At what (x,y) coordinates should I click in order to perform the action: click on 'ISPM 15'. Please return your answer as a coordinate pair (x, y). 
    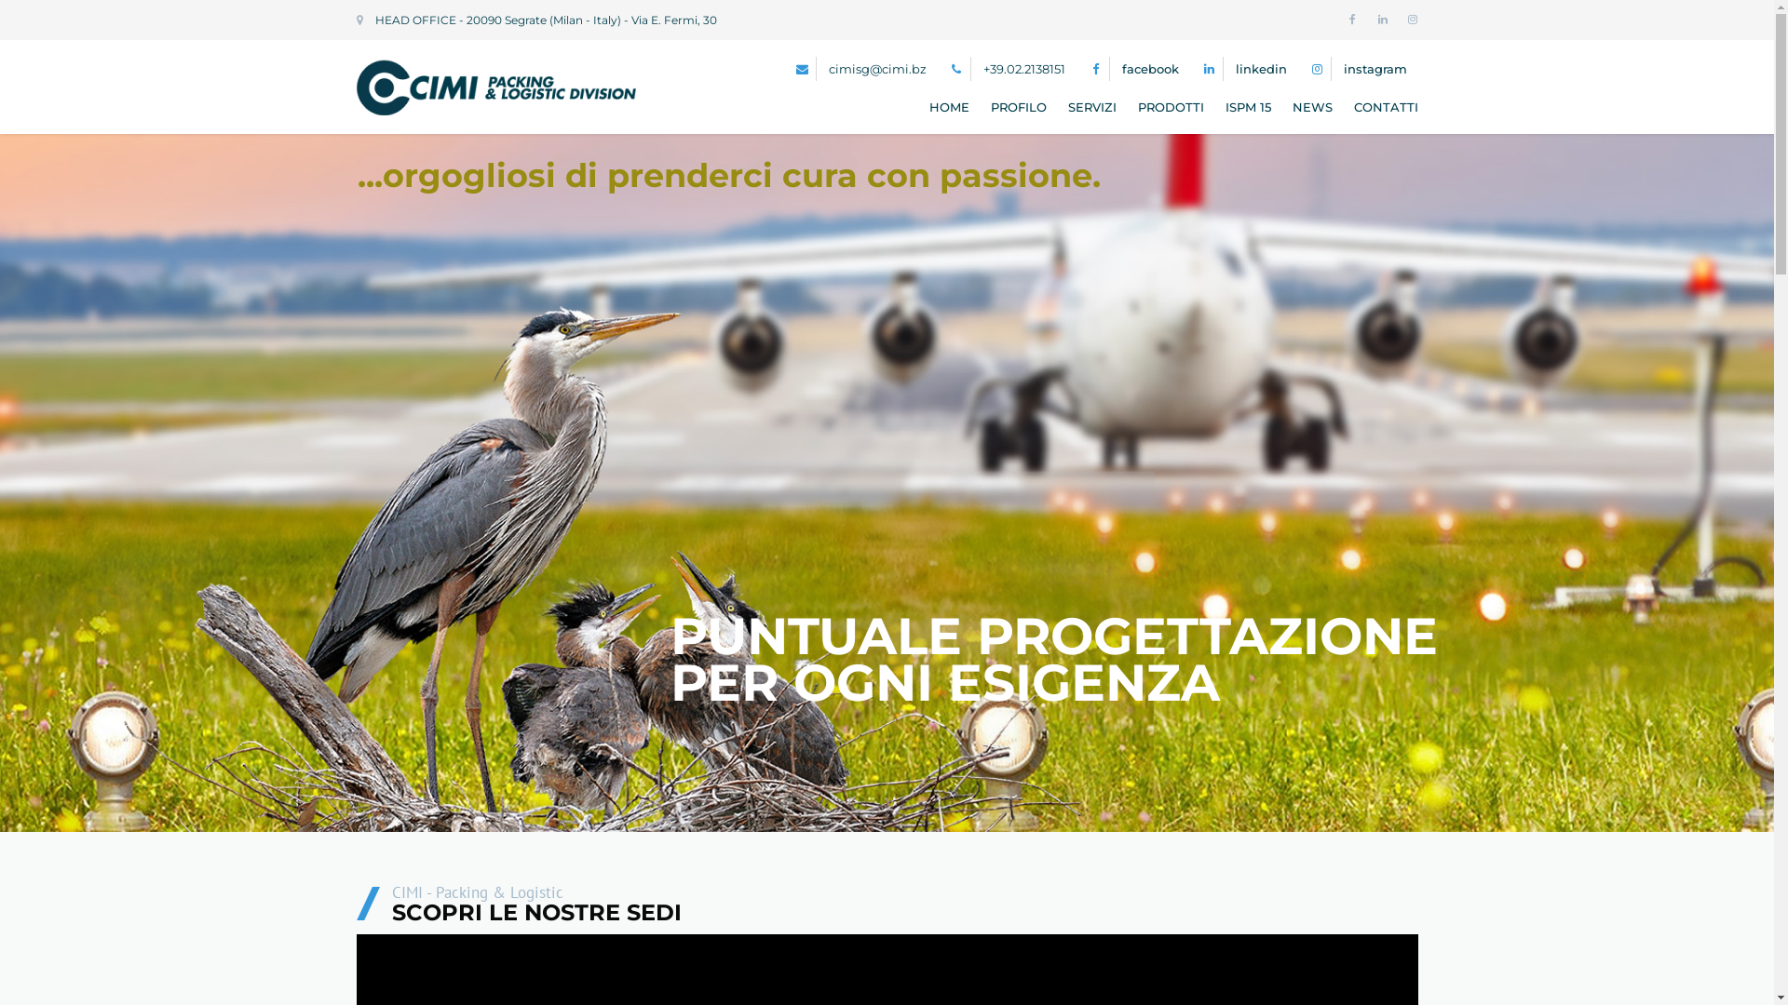
    Looking at the image, I should click on (1248, 107).